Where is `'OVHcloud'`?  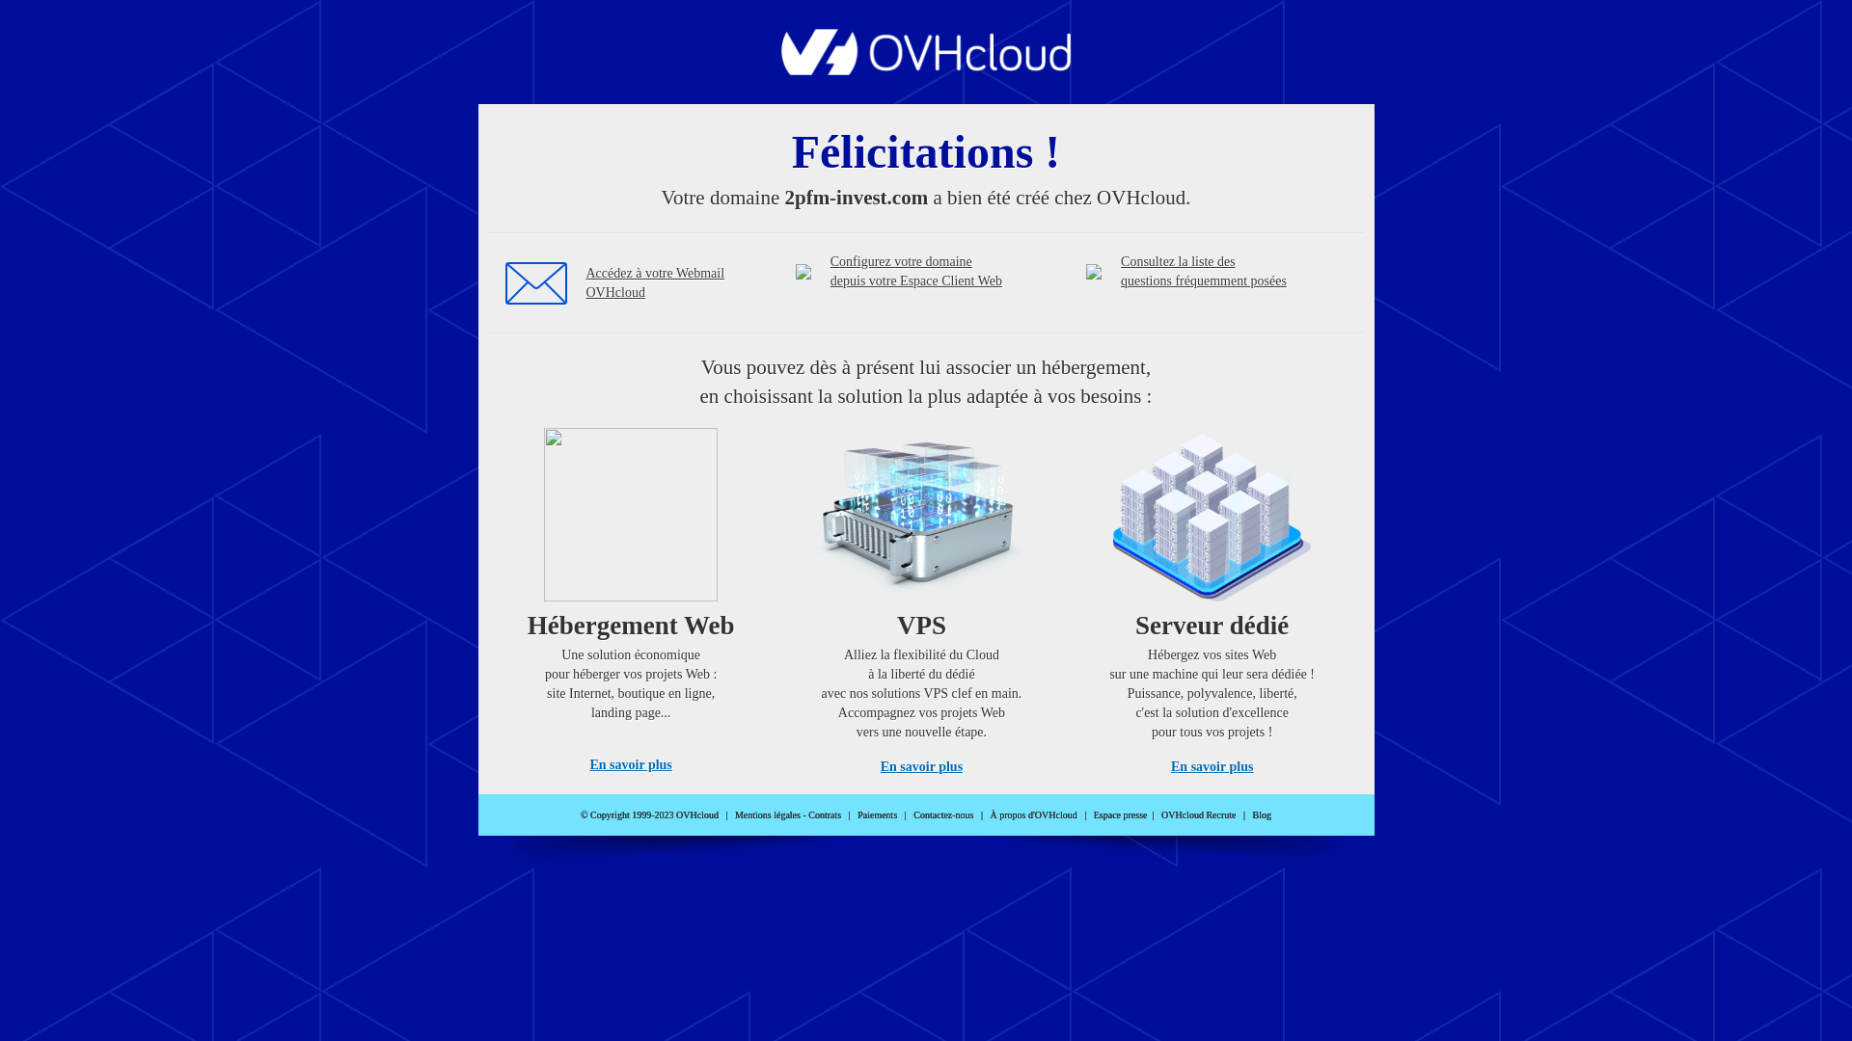
'OVHcloud' is located at coordinates (926, 68).